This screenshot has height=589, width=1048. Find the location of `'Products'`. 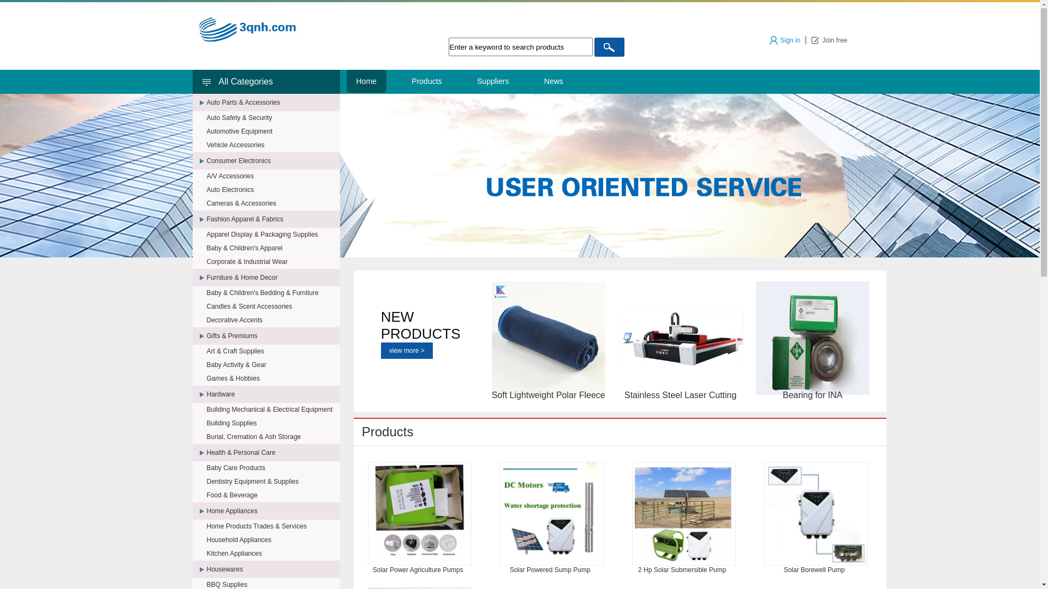

'Products' is located at coordinates (401, 81).